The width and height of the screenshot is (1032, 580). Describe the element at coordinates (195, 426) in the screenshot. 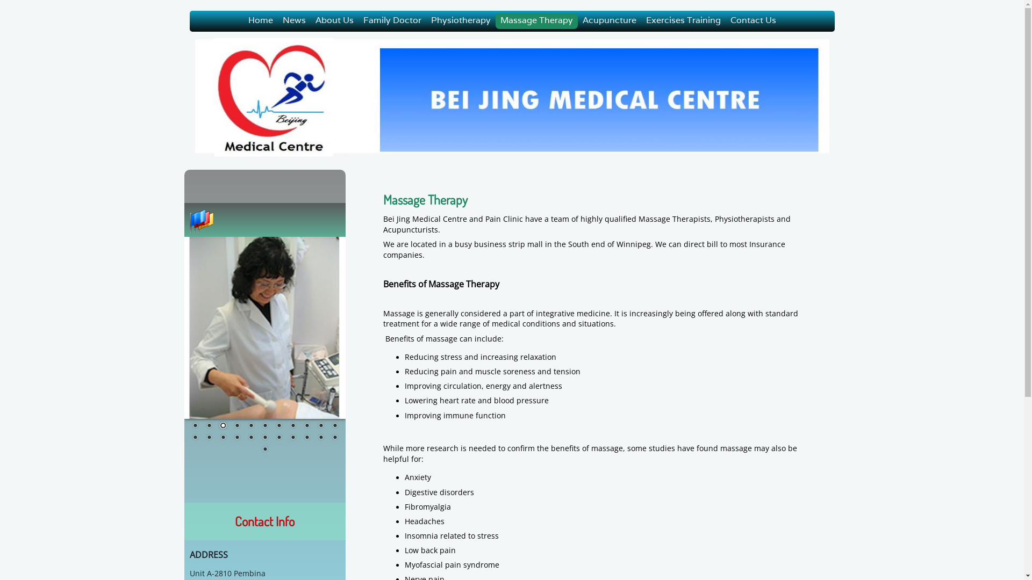

I see `'1'` at that location.